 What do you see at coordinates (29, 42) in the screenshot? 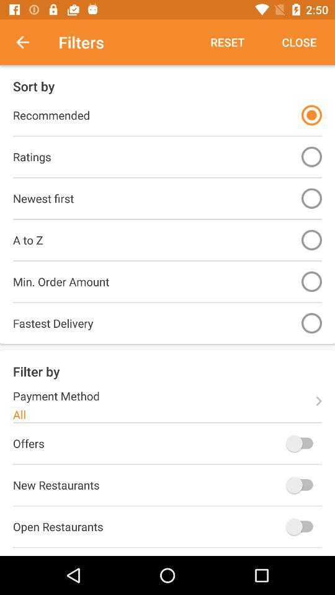
I see `go back` at bounding box center [29, 42].